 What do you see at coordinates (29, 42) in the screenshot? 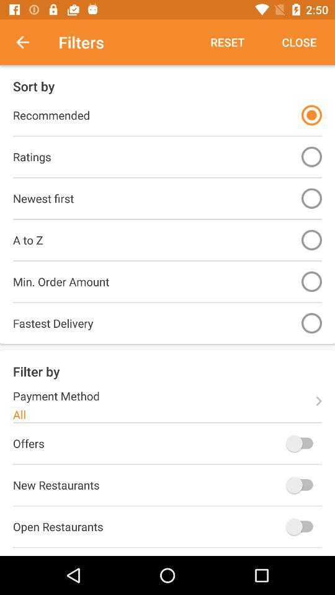
I see `go back` at bounding box center [29, 42].